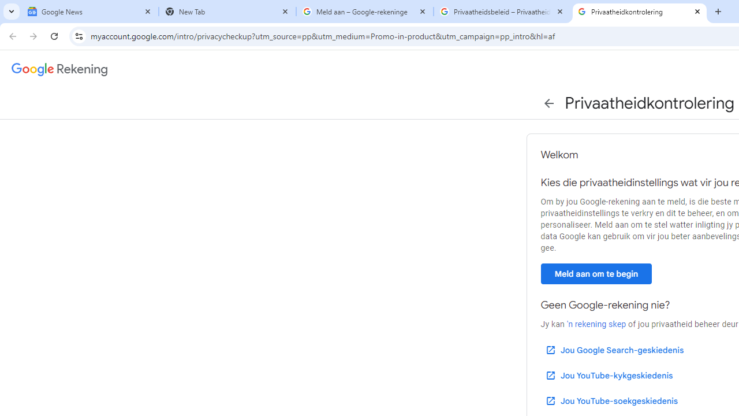 The image size is (739, 416). Describe the element at coordinates (227, 12) in the screenshot. I see `'New Tab'` at that location.